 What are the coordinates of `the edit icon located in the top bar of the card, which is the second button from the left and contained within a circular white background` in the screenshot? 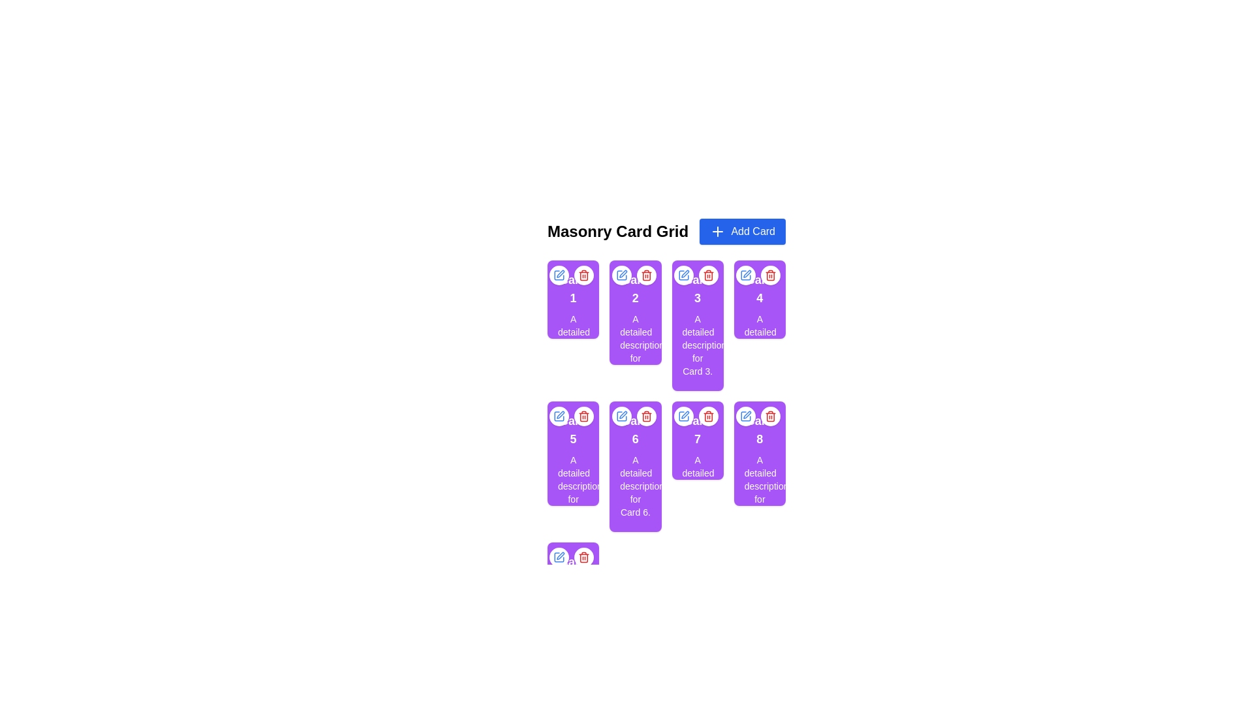 It's located at (745, 416).